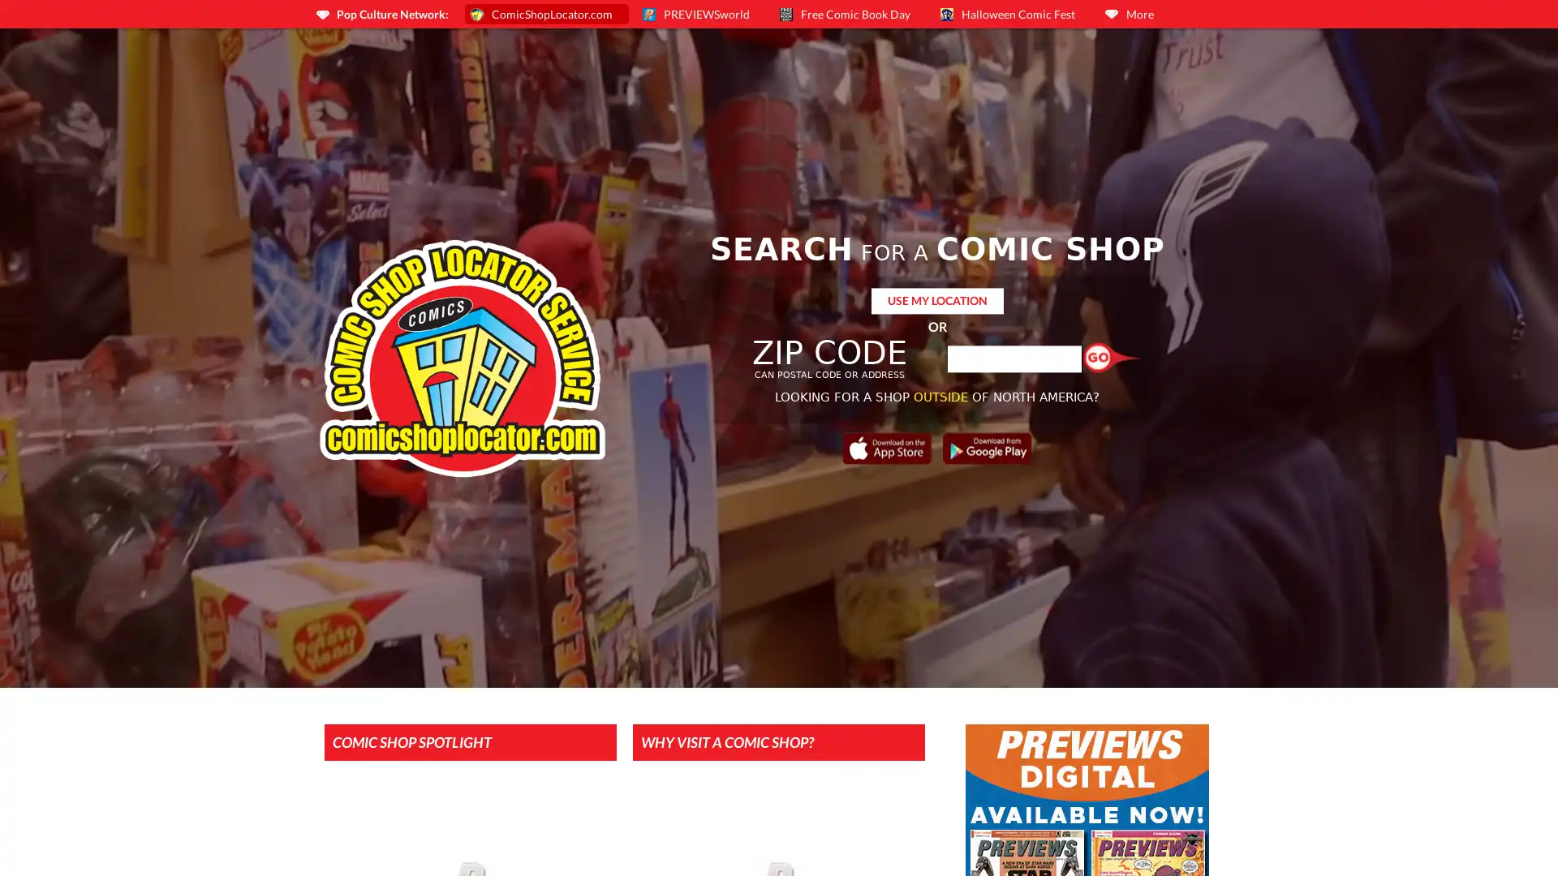 This screenshot has width=1558, height=876. What do you see at coordinates (936, 300) in the screenshot?
I see `USE MY LOCATION` at bounding box center [936, 300].